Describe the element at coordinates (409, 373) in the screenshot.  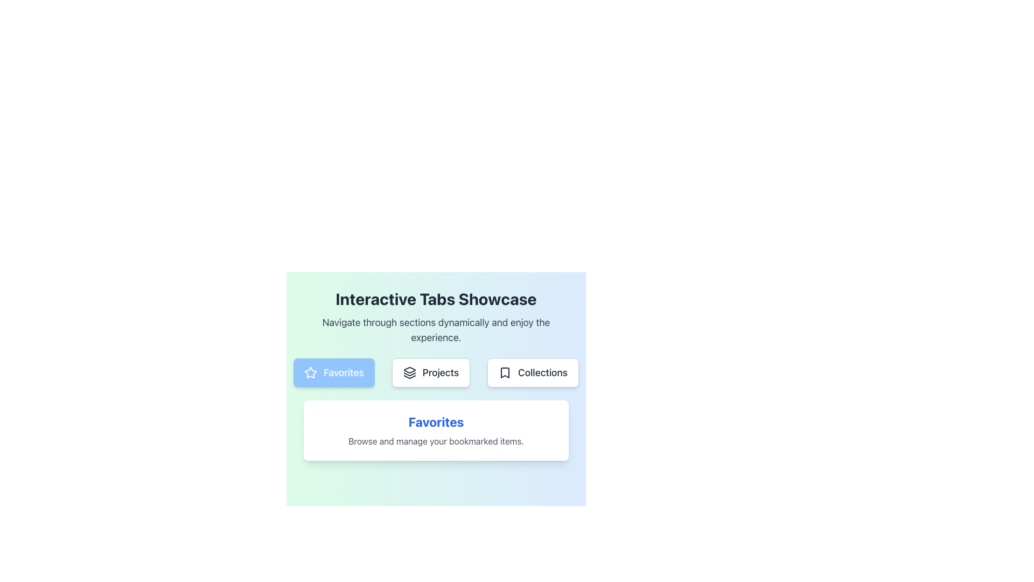
I see `the middle layer of the three-layered icon, which is a horizontal line-like shape with rounded edges styled to resemble stacking or grouping, located to the left of the 'Projects' text button` at that location.